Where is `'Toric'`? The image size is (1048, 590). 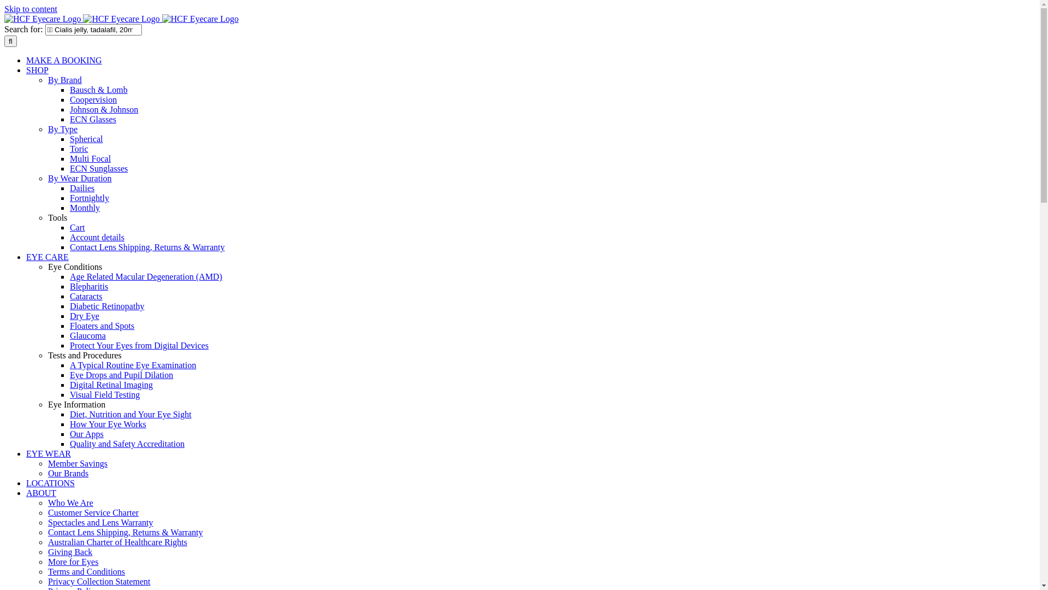 'Toric' is located at coordinates (69, 149).